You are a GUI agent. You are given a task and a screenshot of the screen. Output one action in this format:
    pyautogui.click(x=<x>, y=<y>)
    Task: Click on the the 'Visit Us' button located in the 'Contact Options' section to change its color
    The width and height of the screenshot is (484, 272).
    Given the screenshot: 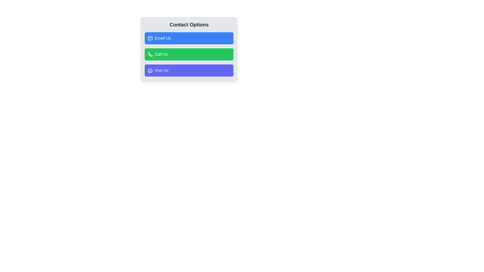 What is the action you would take?
    pyautogui.click(x=189, y=71)
    